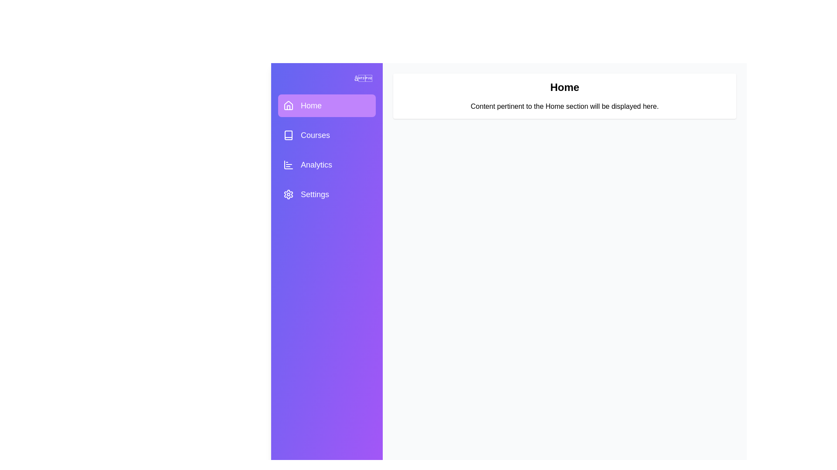 This screenshot has height=470, width=837. I want to click on the Courses tab to see its hover effect, so click(326, 135).